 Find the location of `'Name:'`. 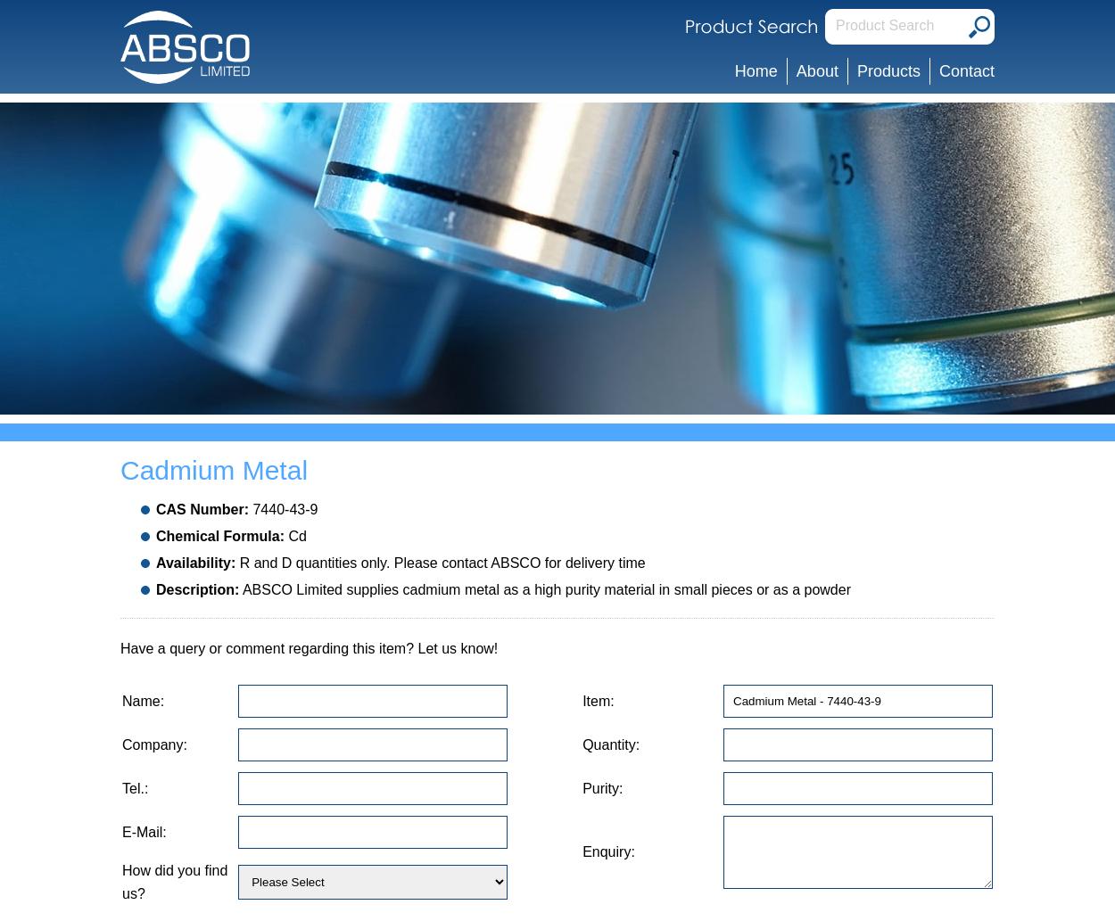

'Name:' is located at coordinates (143, 700).